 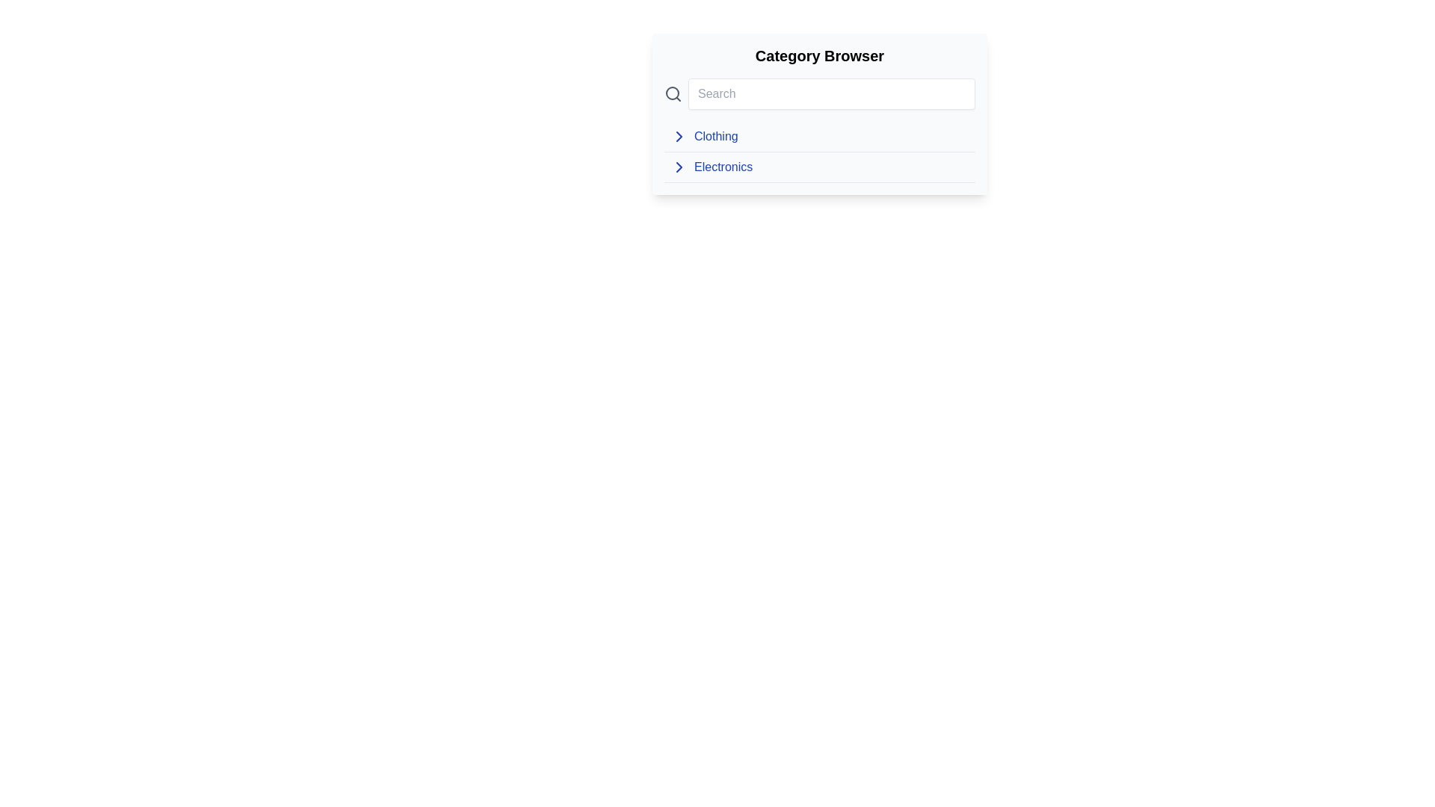 What do you see at coordinates (715, 136) in the screenshot?
I see `text label indicating the 'Clothing' category option, which is located to the right of a chevron icon in the first option of a vertical list within the 'Category Browser' panel` at bounding box center [715, 136].